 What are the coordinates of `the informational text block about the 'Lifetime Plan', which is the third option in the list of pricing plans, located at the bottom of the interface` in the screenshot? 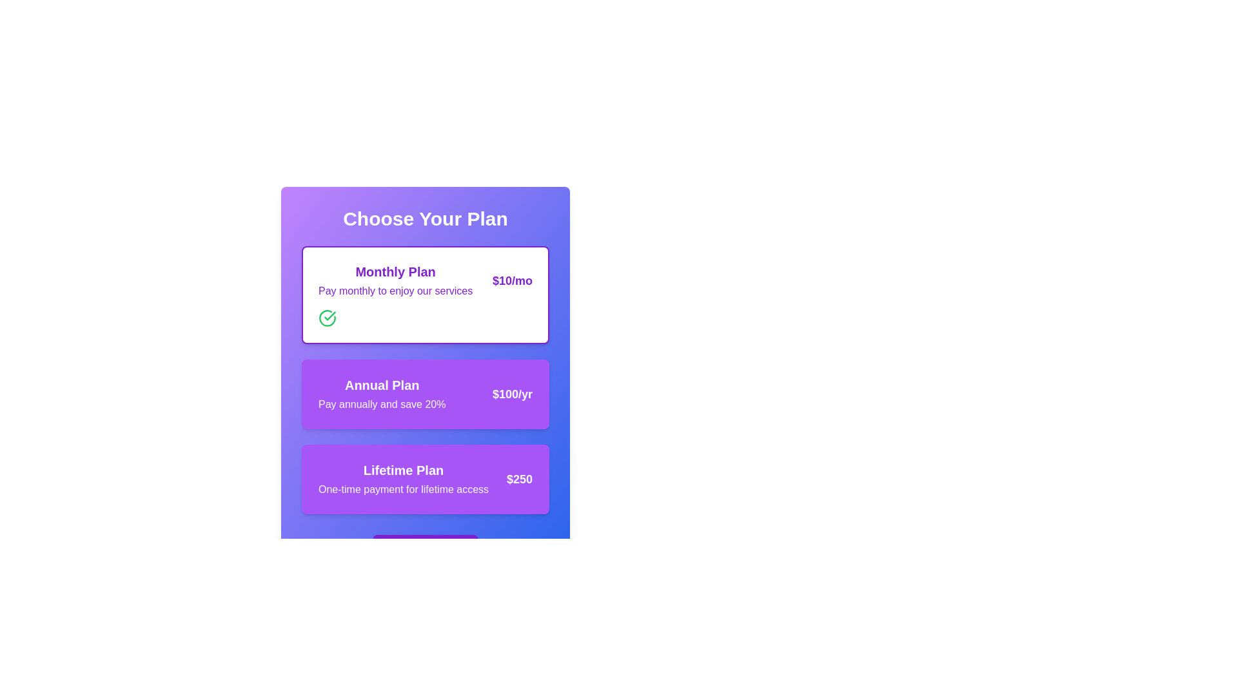 It's located at (426, 479).